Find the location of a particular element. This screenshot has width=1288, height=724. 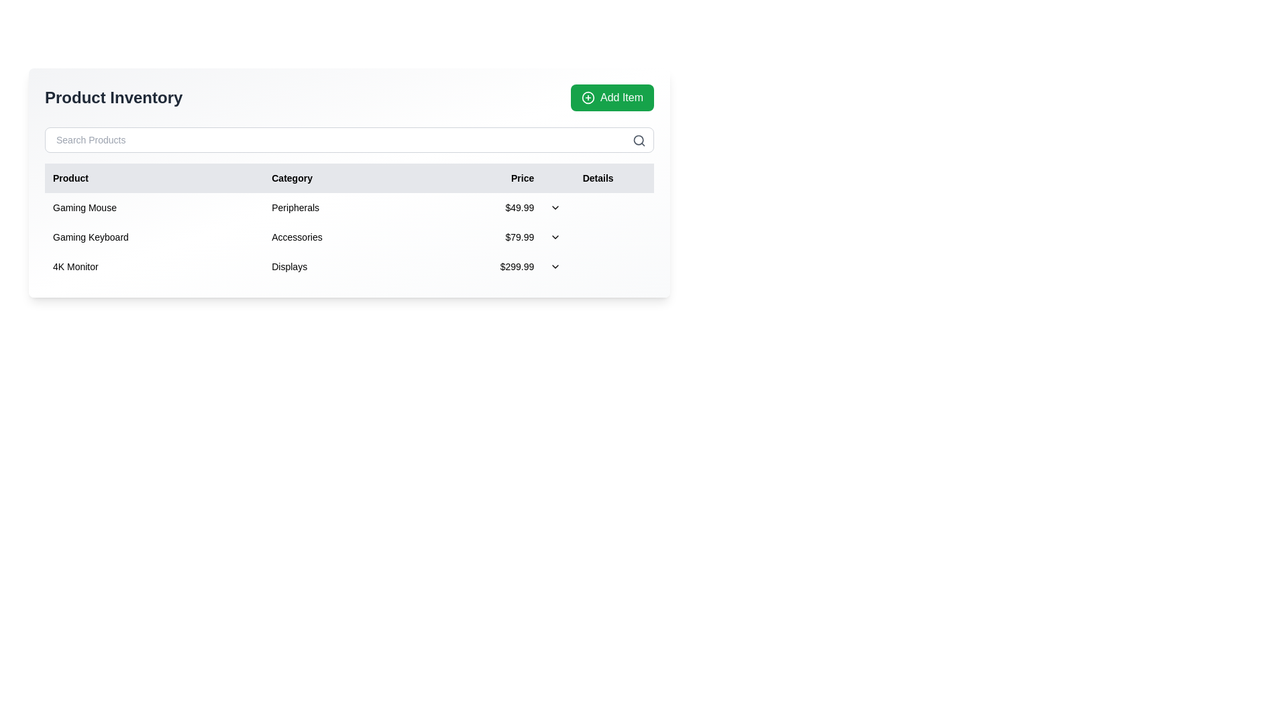

the second row of the product table containing 'Gaming Keyboard', 'Accessories', and '$79.99' is located at coordinates (350, 237).